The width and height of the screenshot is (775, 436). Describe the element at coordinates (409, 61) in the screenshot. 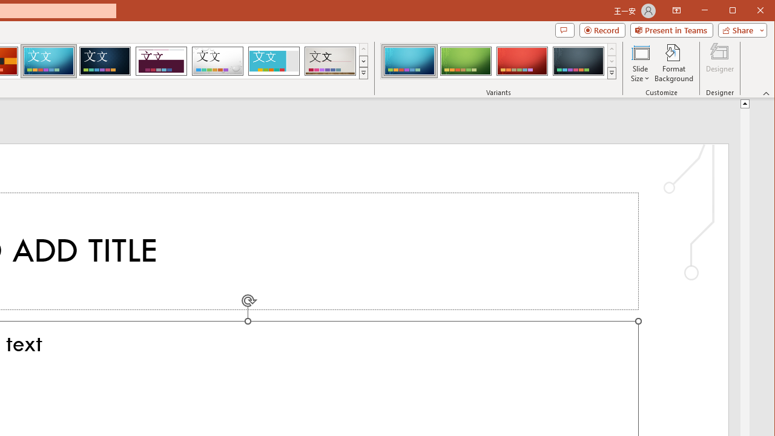

I see `'Circuit Variant 1'` at that location.